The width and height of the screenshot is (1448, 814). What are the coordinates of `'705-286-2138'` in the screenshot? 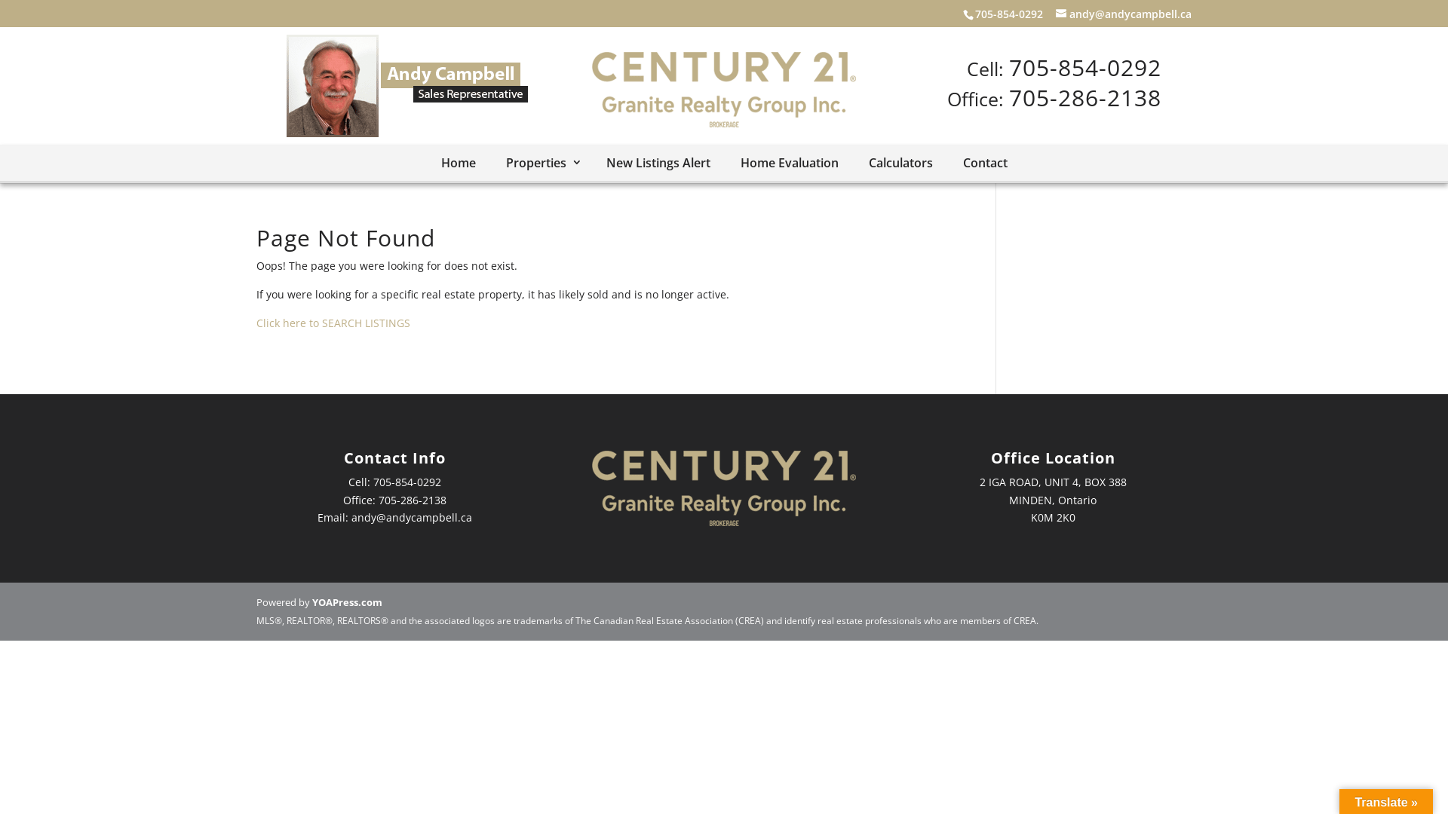 It's located at (1084, 96).